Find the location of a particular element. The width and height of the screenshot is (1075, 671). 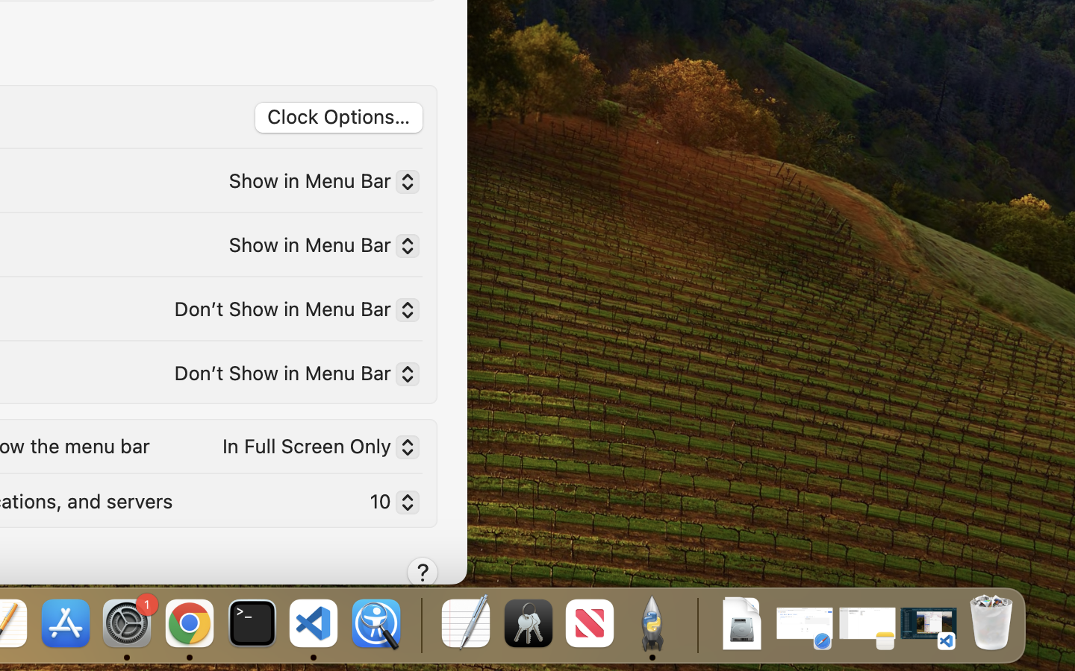

'Don’t Show in Menu Bar' is located at coordinates (289, 312).